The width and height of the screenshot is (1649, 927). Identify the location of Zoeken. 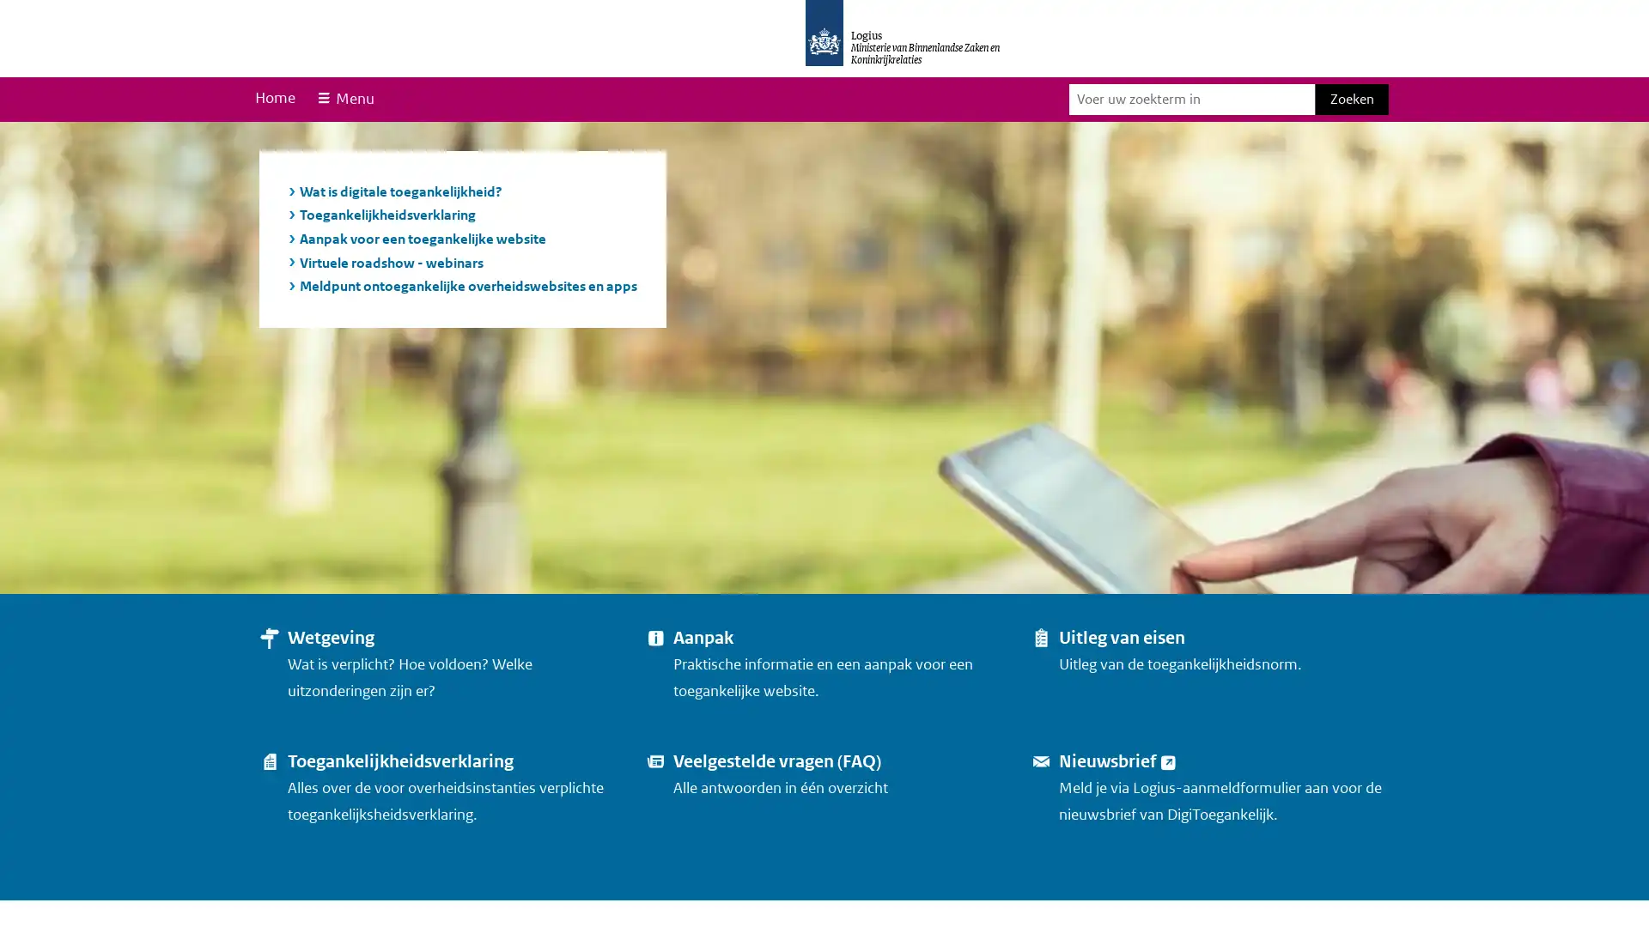
(1351, 99).